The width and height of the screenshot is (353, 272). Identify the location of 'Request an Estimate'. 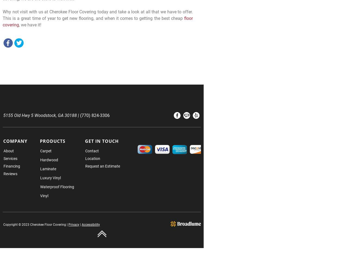
(102, 166).